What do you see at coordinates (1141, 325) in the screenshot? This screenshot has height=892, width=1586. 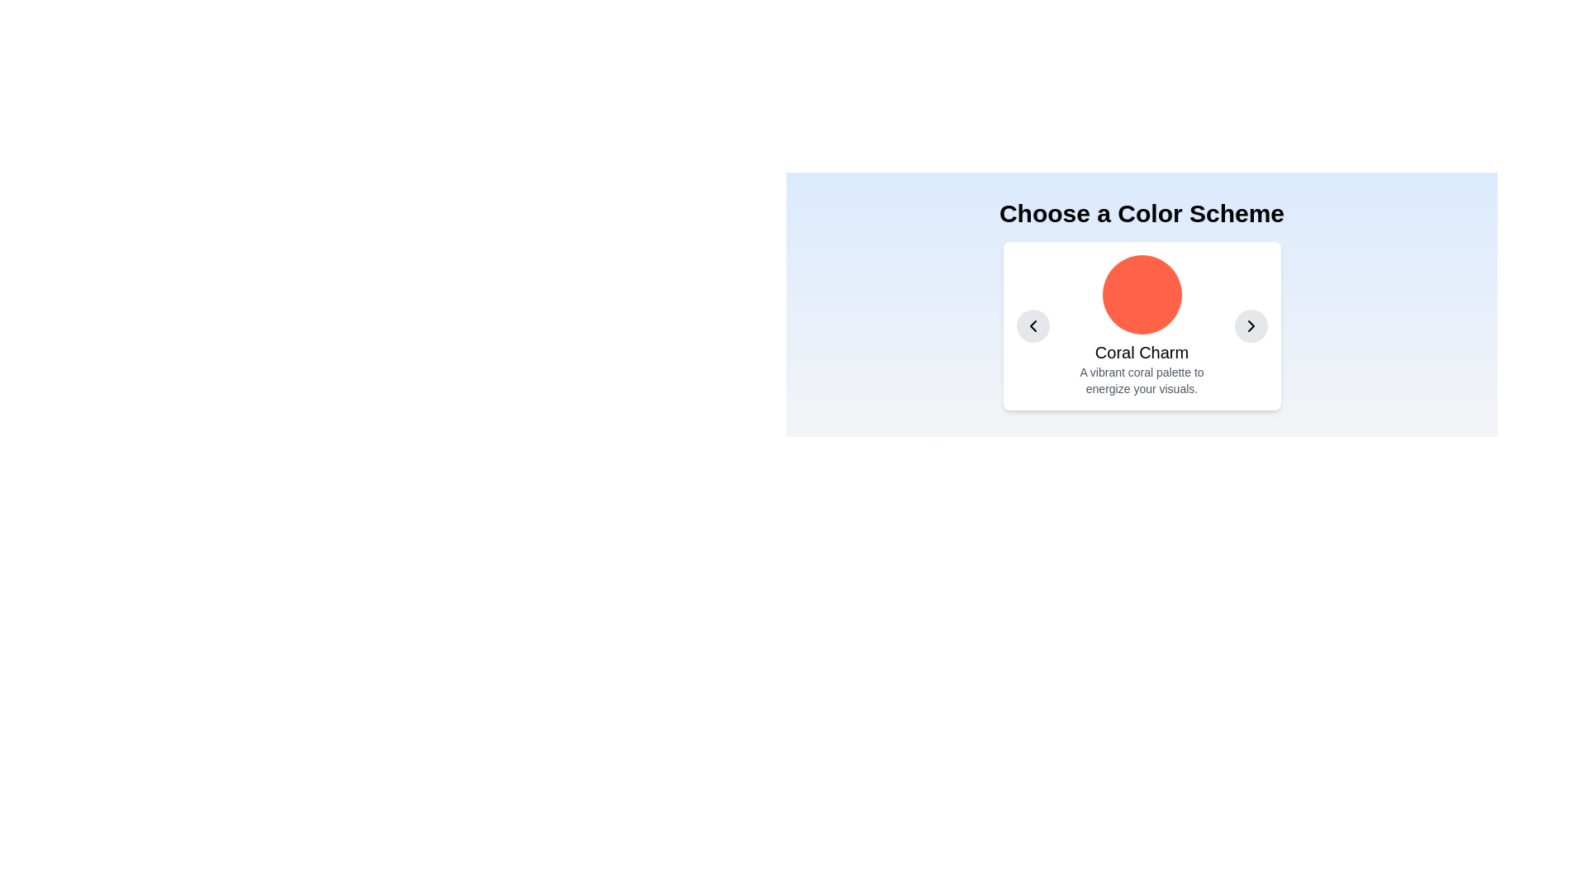 I see `the 'Coral Charm' card, which features a central coral circular visual and descriptive text beneath it, located in the middle of the carousel layout` at bounding box center [1141, 325].